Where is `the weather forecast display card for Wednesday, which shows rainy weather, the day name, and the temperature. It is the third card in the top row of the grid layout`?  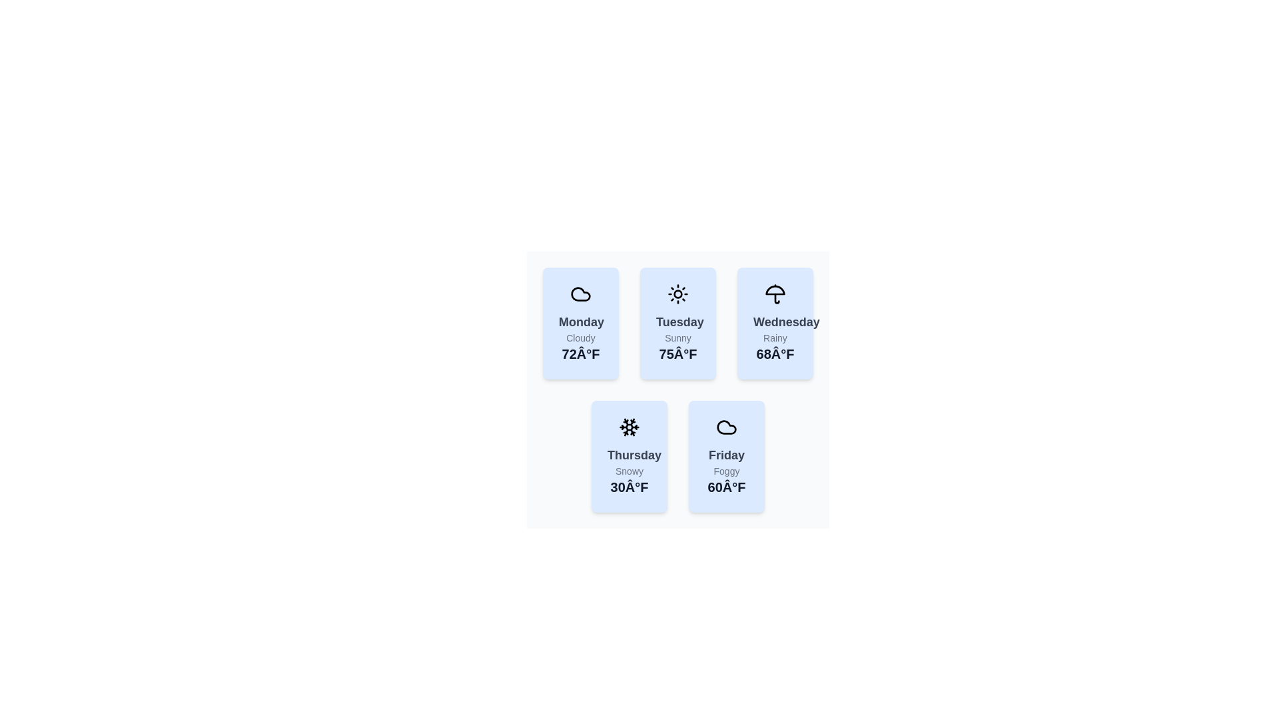
the weather forecast display card for Wednesday, which shows rainy weather, the day name, and the temperature. It is the third card in the top row of the grid layout is located at coordinates (775, 324).